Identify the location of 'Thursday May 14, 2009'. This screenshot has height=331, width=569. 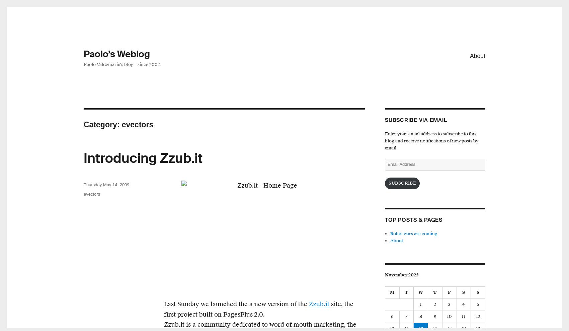
(106, 184).